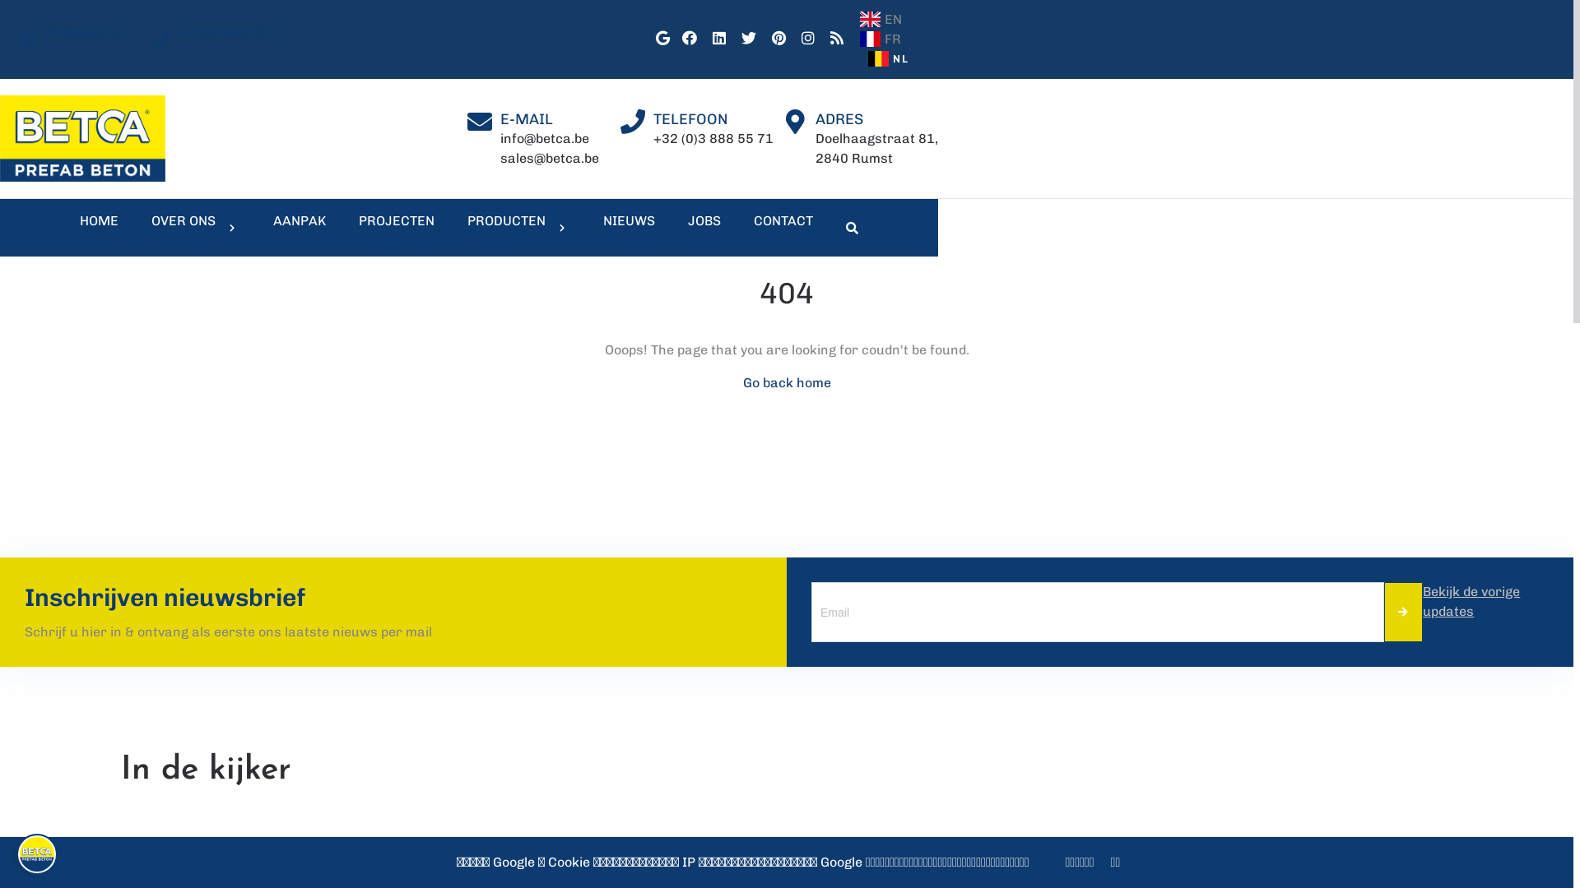 Image resolution: width=1580 pixels, height=888 pixels. Describe the element at coordinates (888, 38) in the screenshot. I see `'FR'` at that location.